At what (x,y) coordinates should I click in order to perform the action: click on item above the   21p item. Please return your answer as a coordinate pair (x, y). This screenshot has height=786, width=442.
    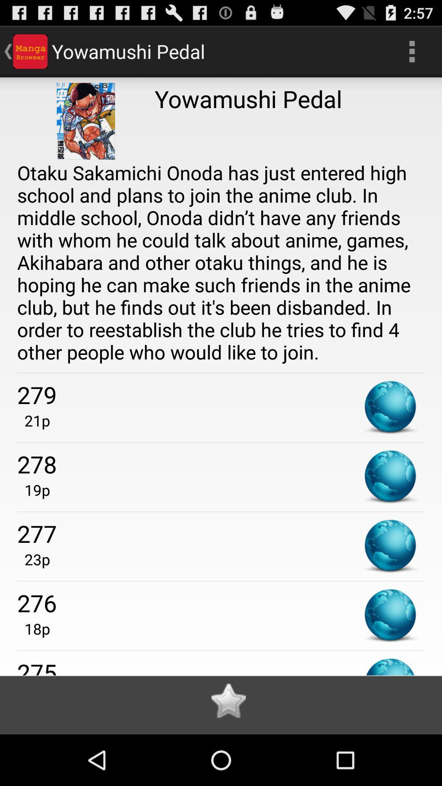
    Looking at the image, I should click on (221, 395).